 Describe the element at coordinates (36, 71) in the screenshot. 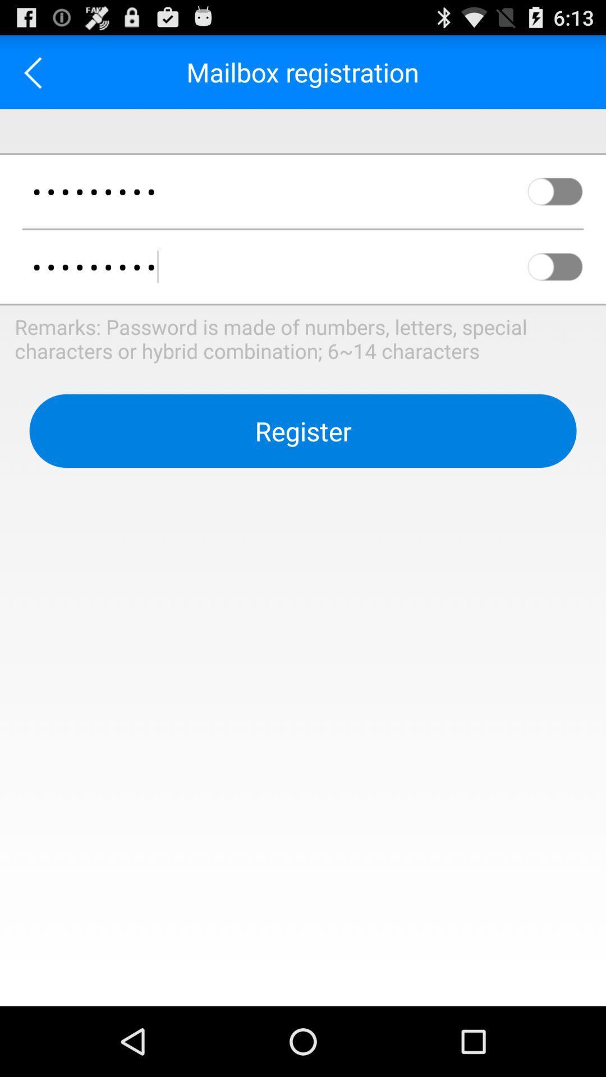

I see `previous page` at that location.